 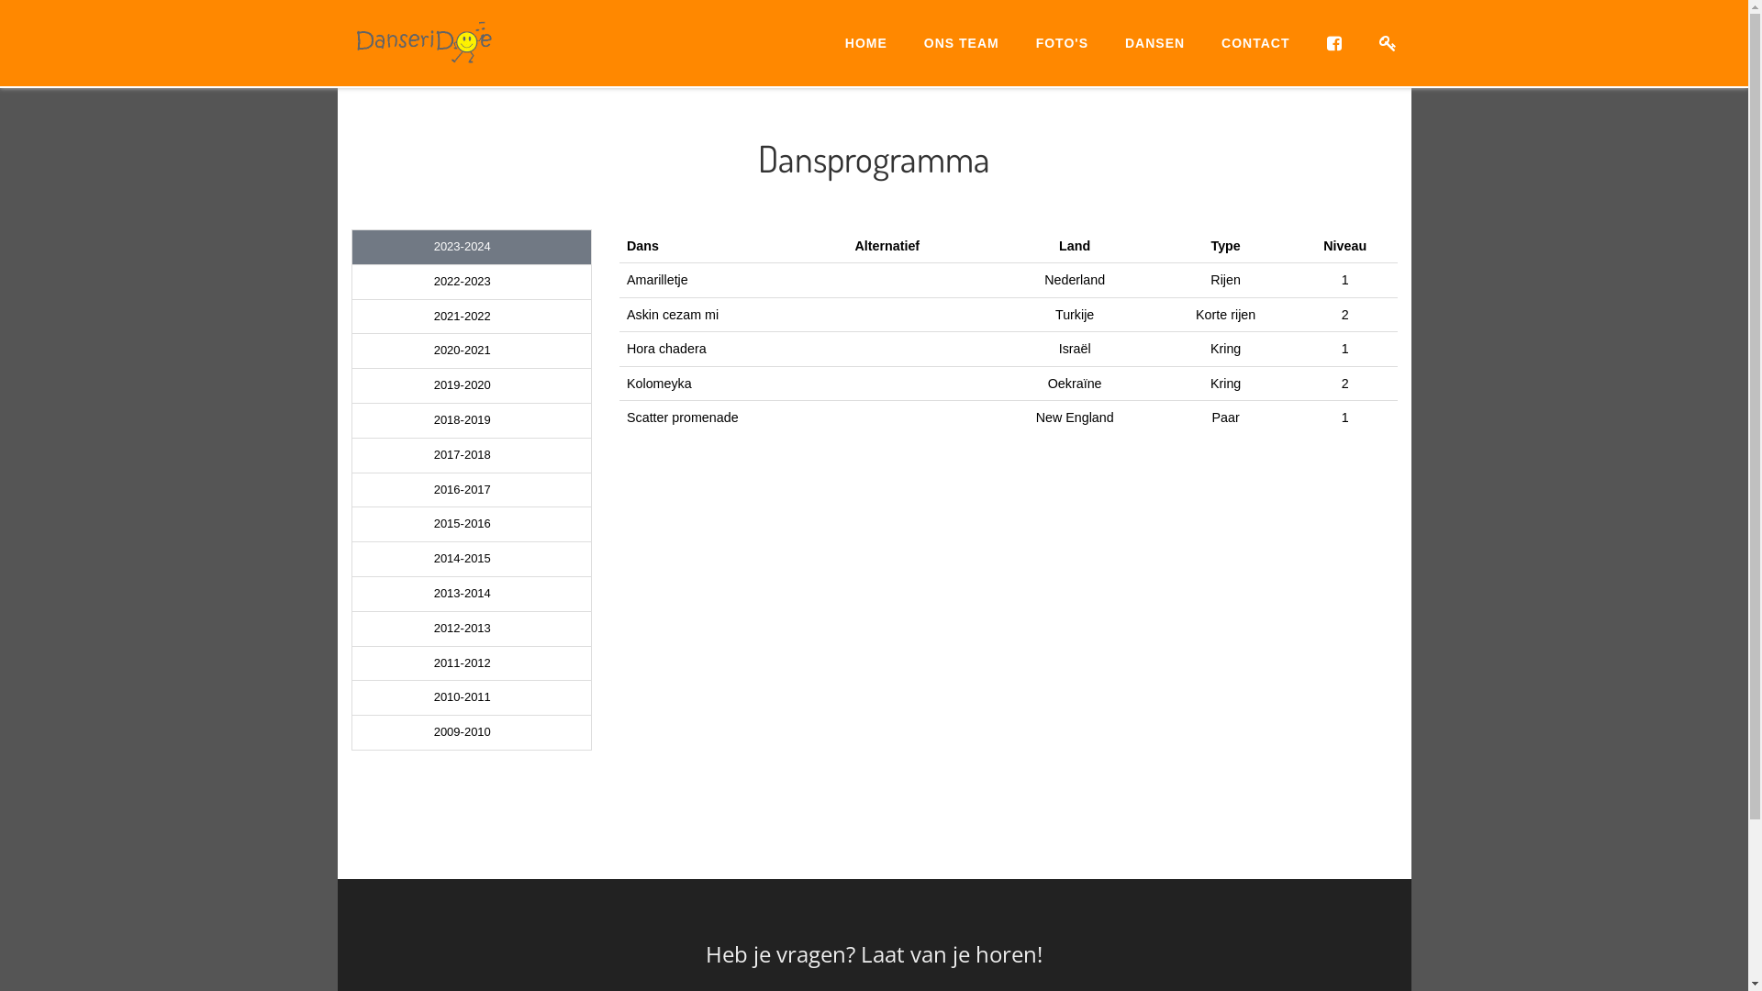 I want to click on '2015-2016', so click(x=352, y=524).